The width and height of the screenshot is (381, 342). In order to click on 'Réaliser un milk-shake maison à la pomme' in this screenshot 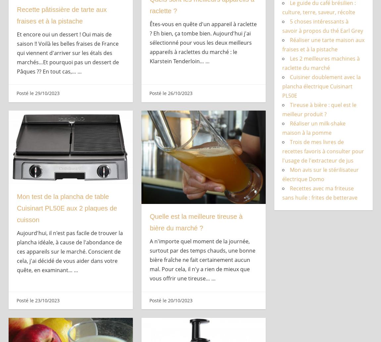, I will do `click(313, 128)`.